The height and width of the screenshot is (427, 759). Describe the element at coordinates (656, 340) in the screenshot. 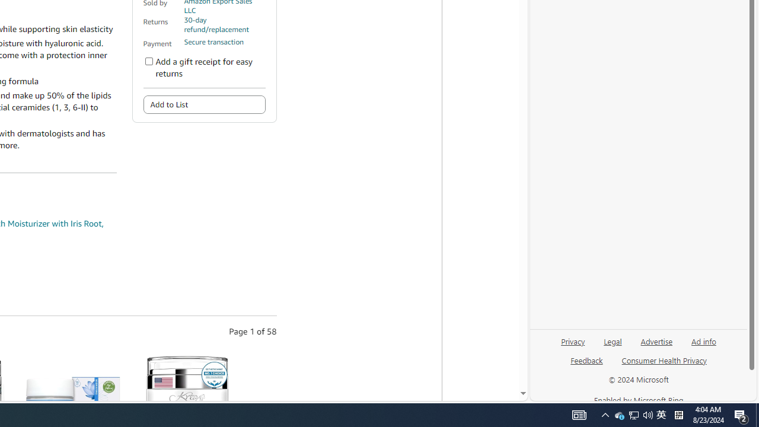

I see `'Advertise'` at that location.